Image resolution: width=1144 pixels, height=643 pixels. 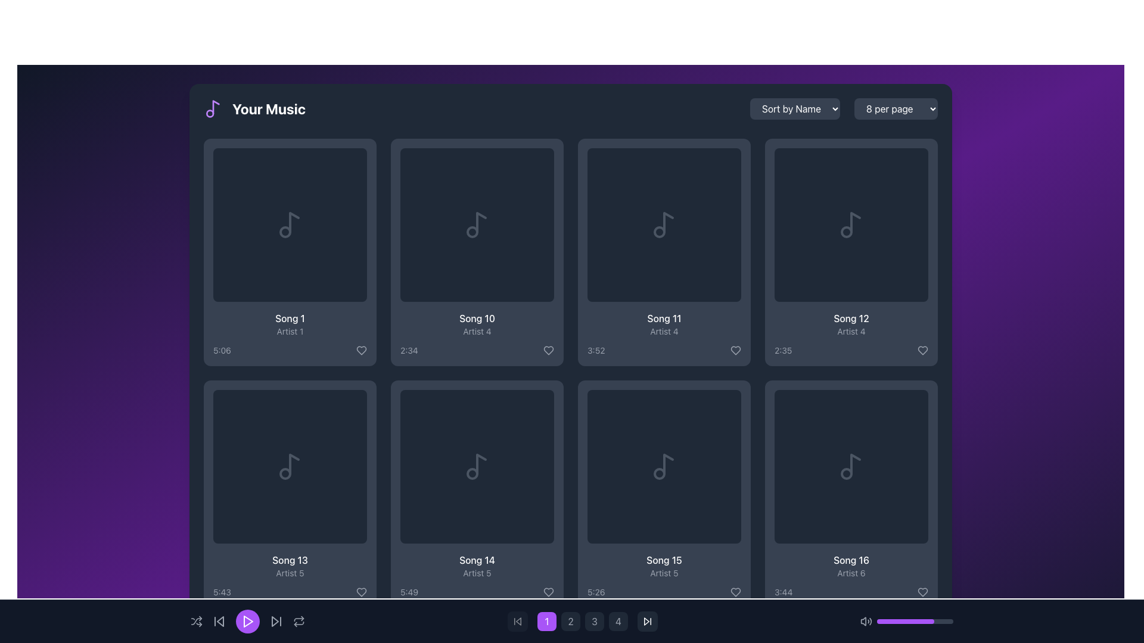 What do you see at coordinates (735, 350) in the screenshot?
I see `the favorite button located at the bottom-right of the 'Song 11' section to mark the song as a favorite` at bounding box center [735, 350].